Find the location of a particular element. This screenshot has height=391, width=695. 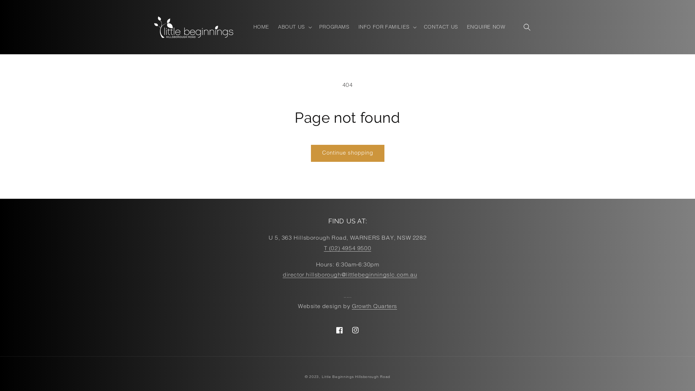

'director.hillsborough@littlebeginningslc.com.au' is located at coordinates (350, 274).